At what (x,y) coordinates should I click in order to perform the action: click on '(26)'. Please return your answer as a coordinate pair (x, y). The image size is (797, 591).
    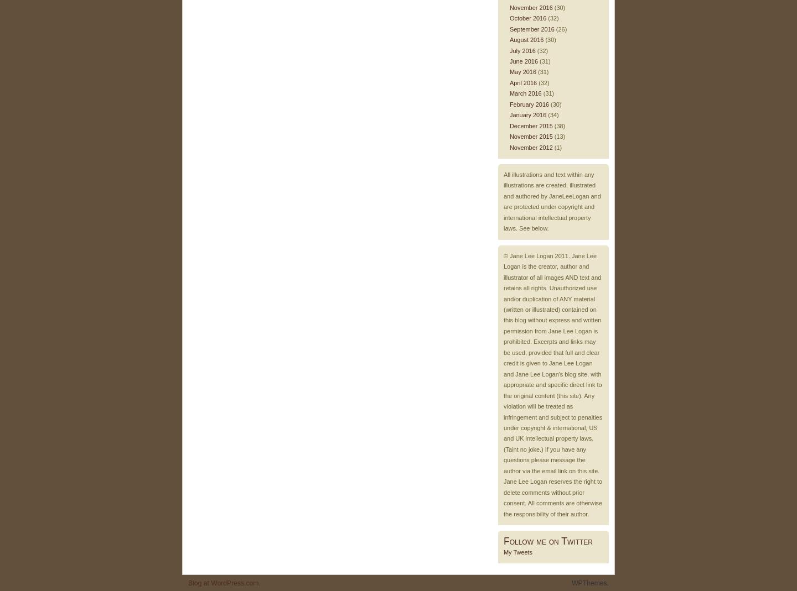
    Looking at the image, I should click on (553, 28).